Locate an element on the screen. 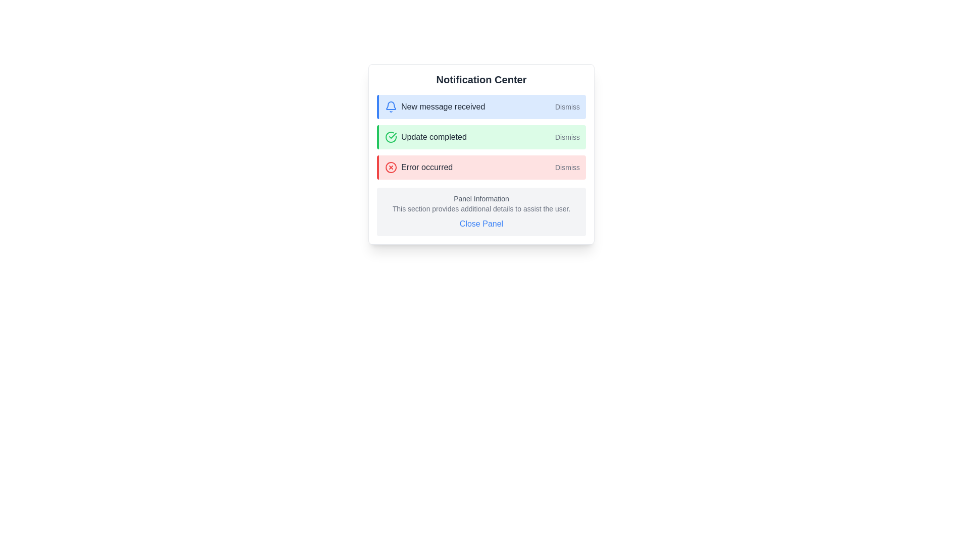 This screenshot has height=545, width=969. the text label that reads 'Update completed' with a green checkmark icon, located in the Notification Center is located at coordinates (425, 137).